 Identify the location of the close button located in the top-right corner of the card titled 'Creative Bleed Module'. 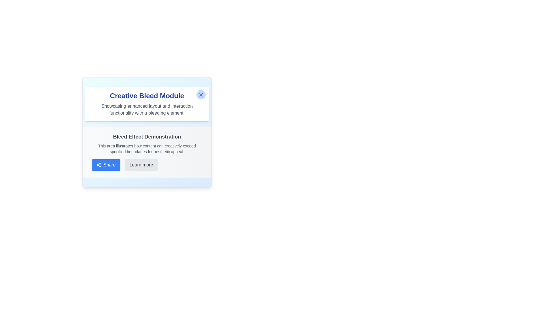
(201, 94).